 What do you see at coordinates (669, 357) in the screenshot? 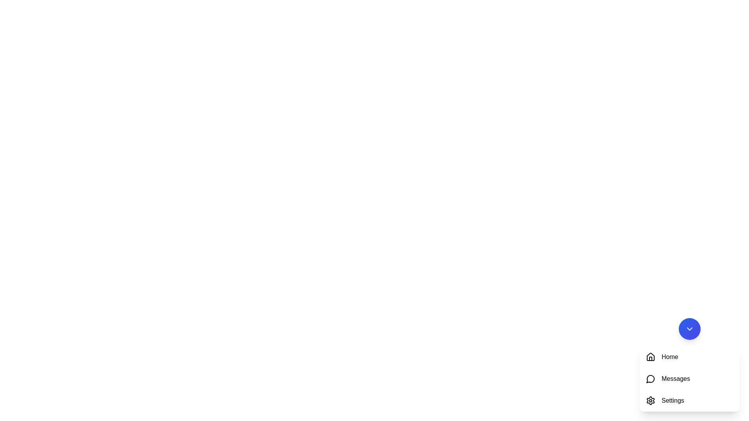
I see `the 'Home' text label, which is styled in black and positioned next to a house icon in the vertical menu list` at bounding box center [669, 357].